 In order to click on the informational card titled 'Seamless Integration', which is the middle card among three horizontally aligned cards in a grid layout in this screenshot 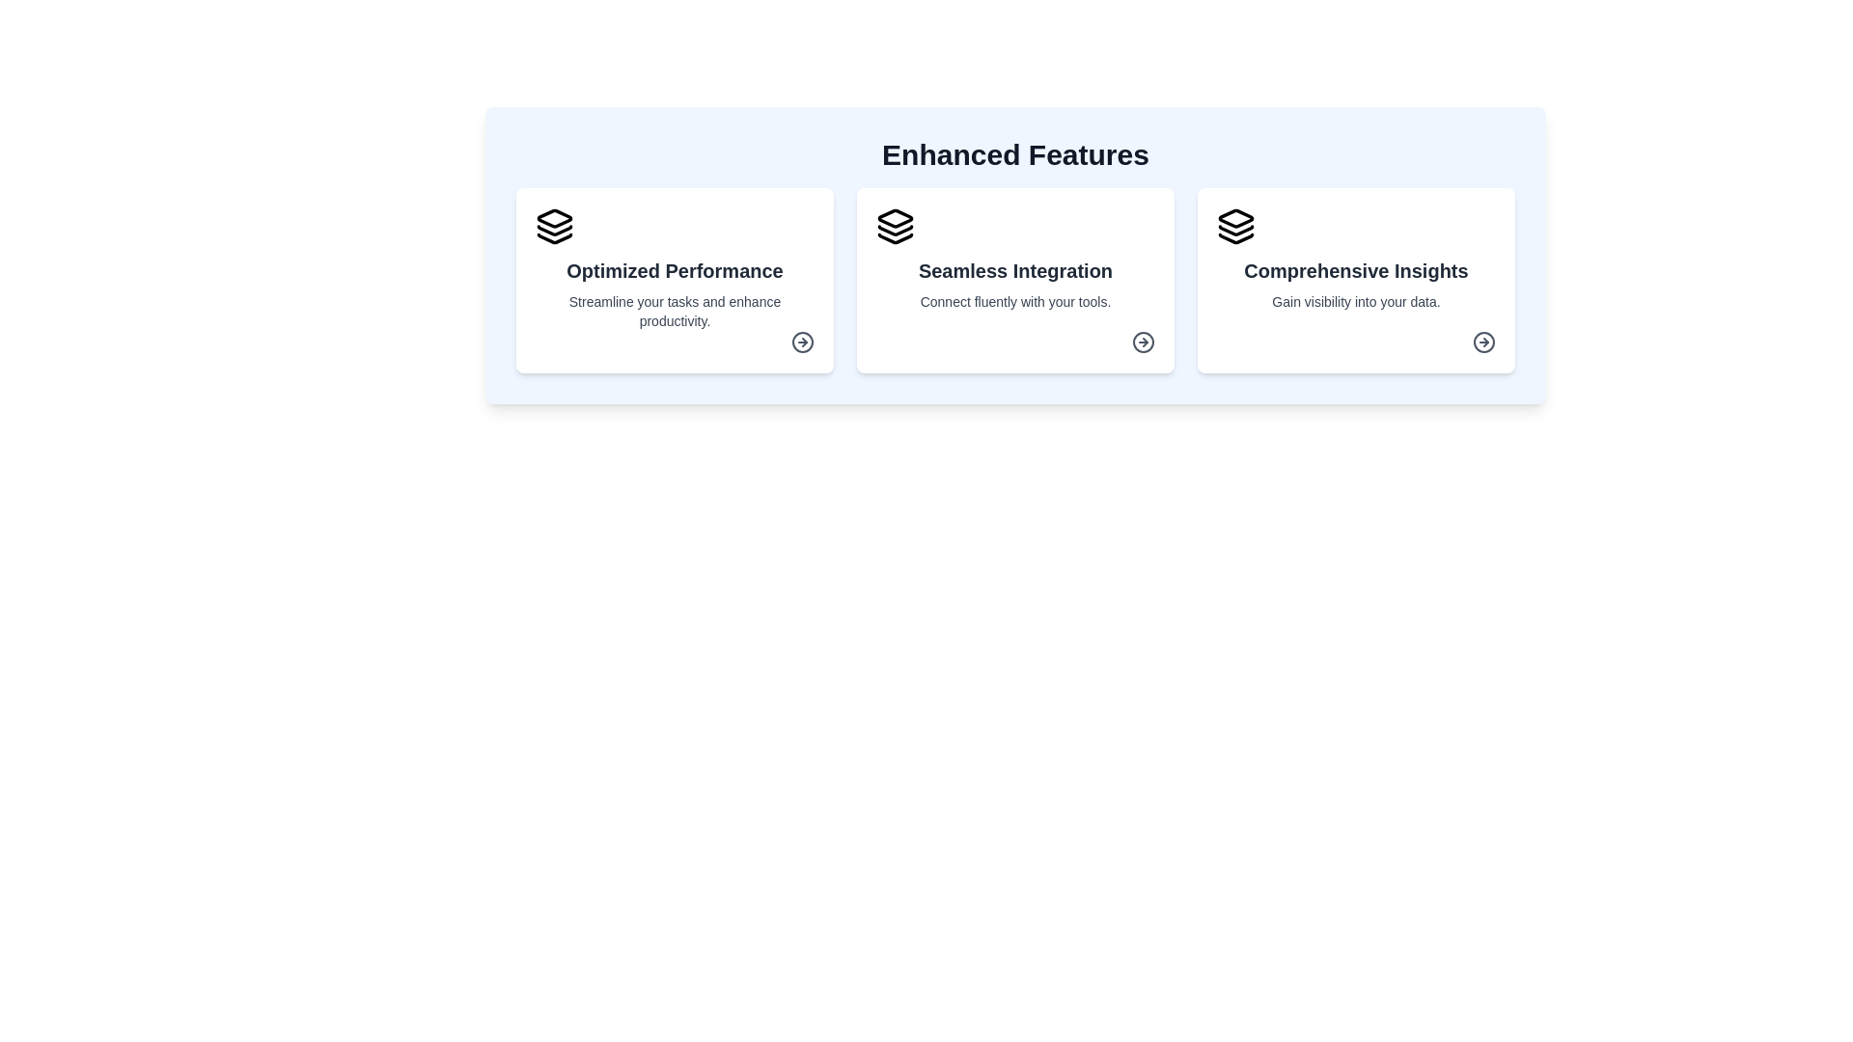, I will do `click(1014, 280)`.